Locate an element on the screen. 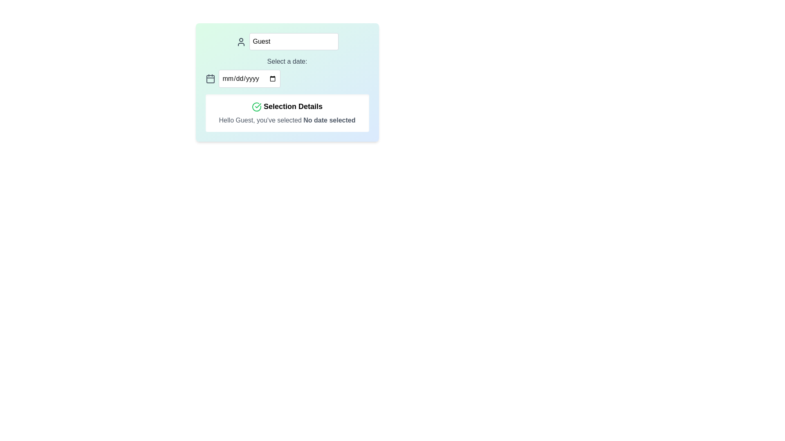 The height and width of the screenshot is (441, 785). the text label stating 'Hello Guest, you've selected No date selected.' located in the 'Selection Details' section is located at coordinates (287, 120).